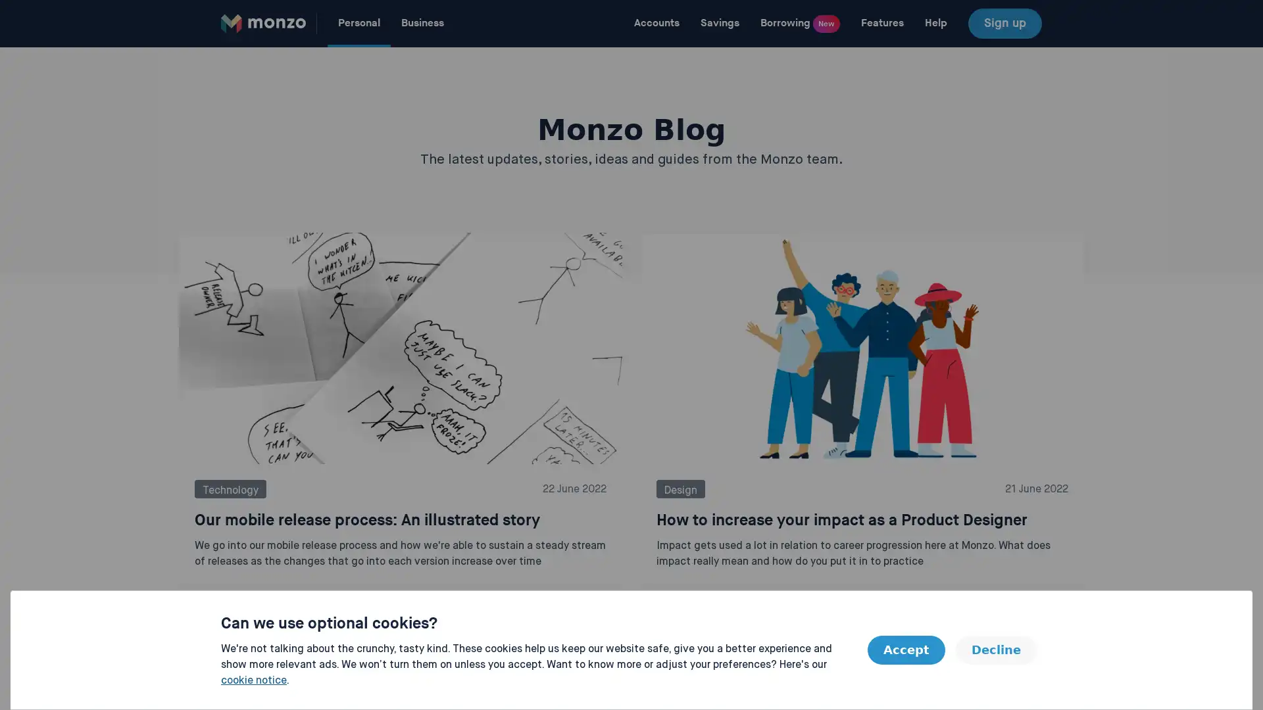 Image resolution: width=1263 pixels, height=710 pixels. Describe the element at coordinates (719, 23) in the screenshot. I see `Savings` at that location.